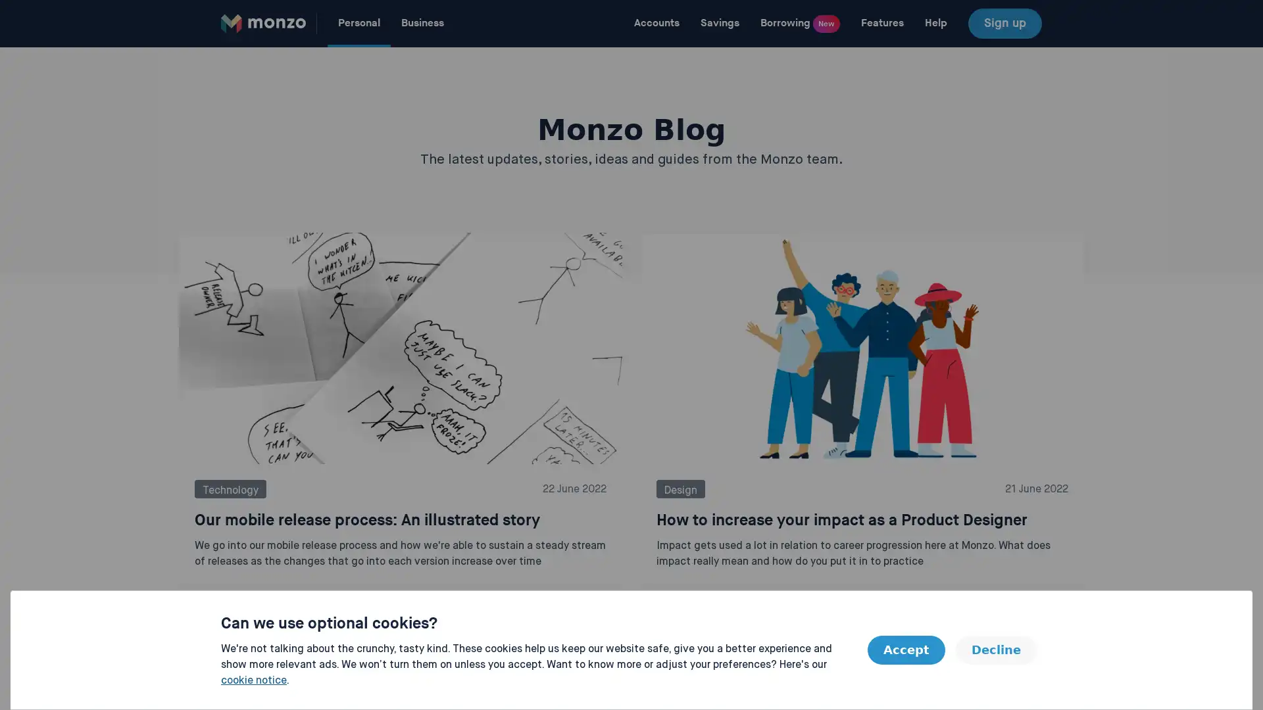 Image resolution: width=1263 pixels, height=710 pixels. Describe the element at coordinates (719, 23) in the screenshot. I see `Savings` at that location.